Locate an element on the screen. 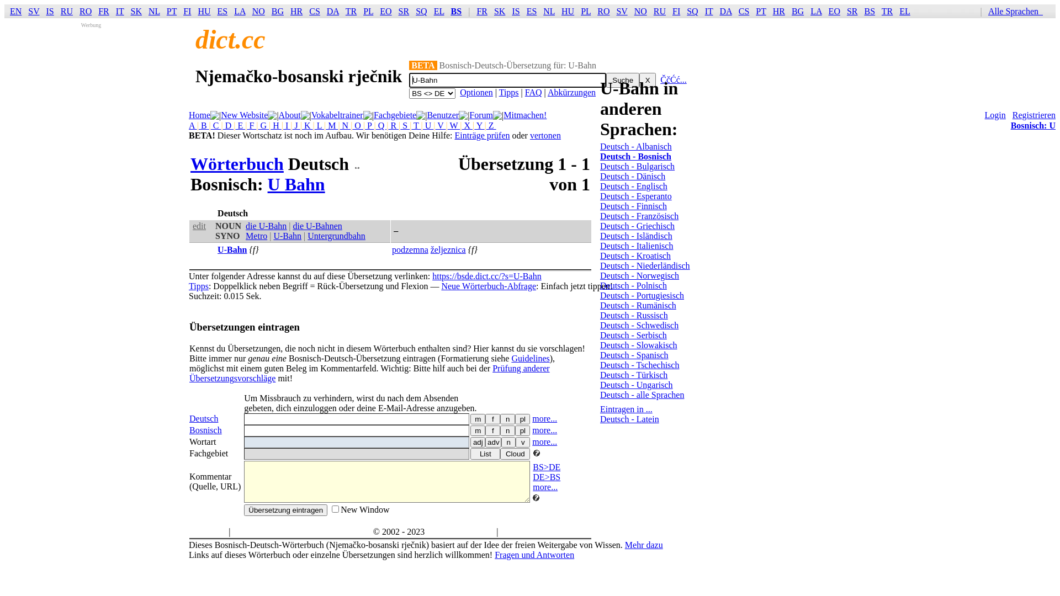 The width and height of the screenshot is (1060, 596). 'I' is located at coordinates (287, 125).